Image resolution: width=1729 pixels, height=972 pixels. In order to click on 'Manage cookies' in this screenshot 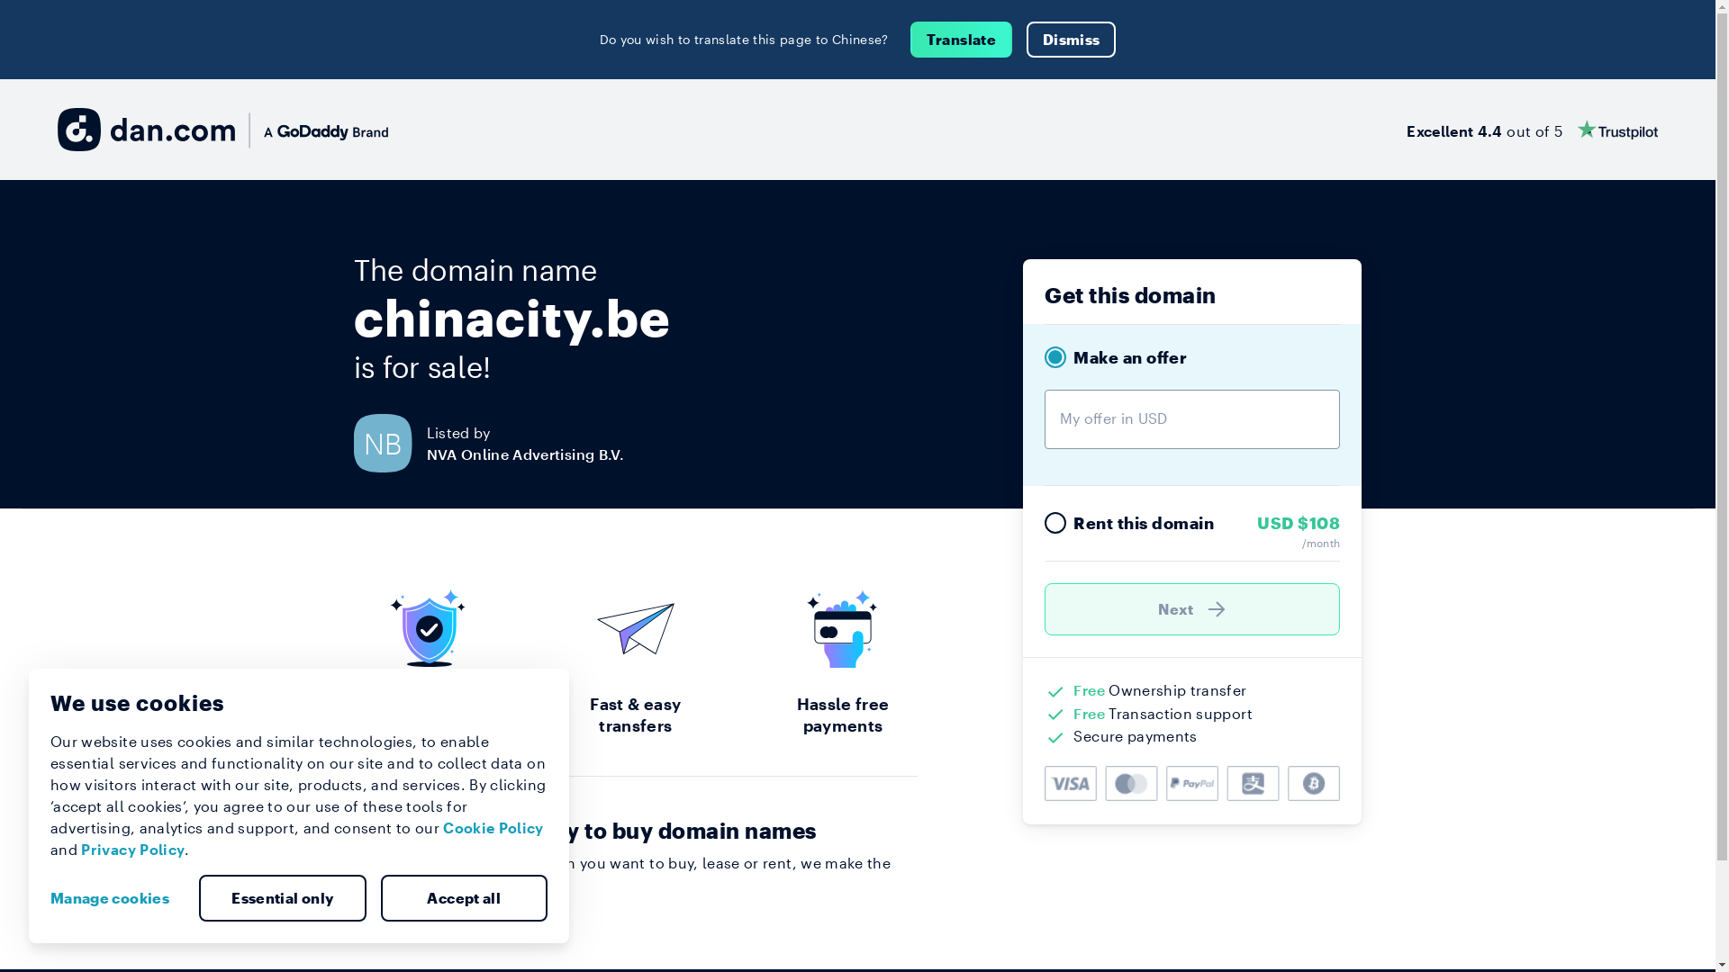, I will do `click(115, 898)`.